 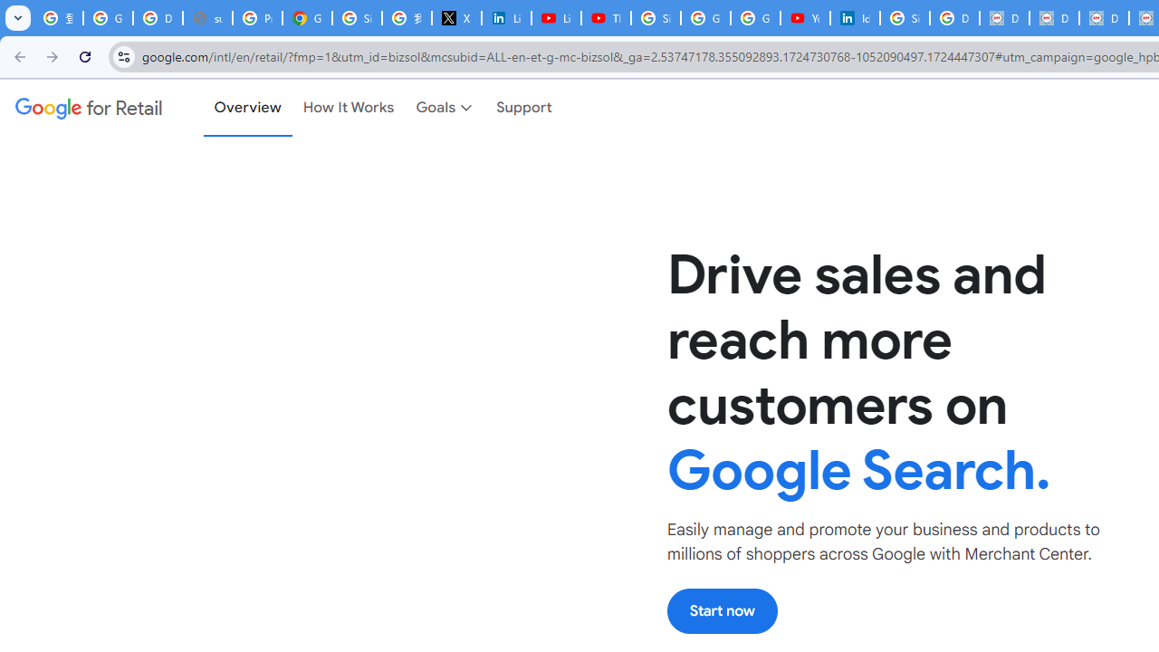 What do you see at coordinates (1003, 18) in the screenshot?
I see `'Data Privacy Framework'` at bounding box center [1003, 18].